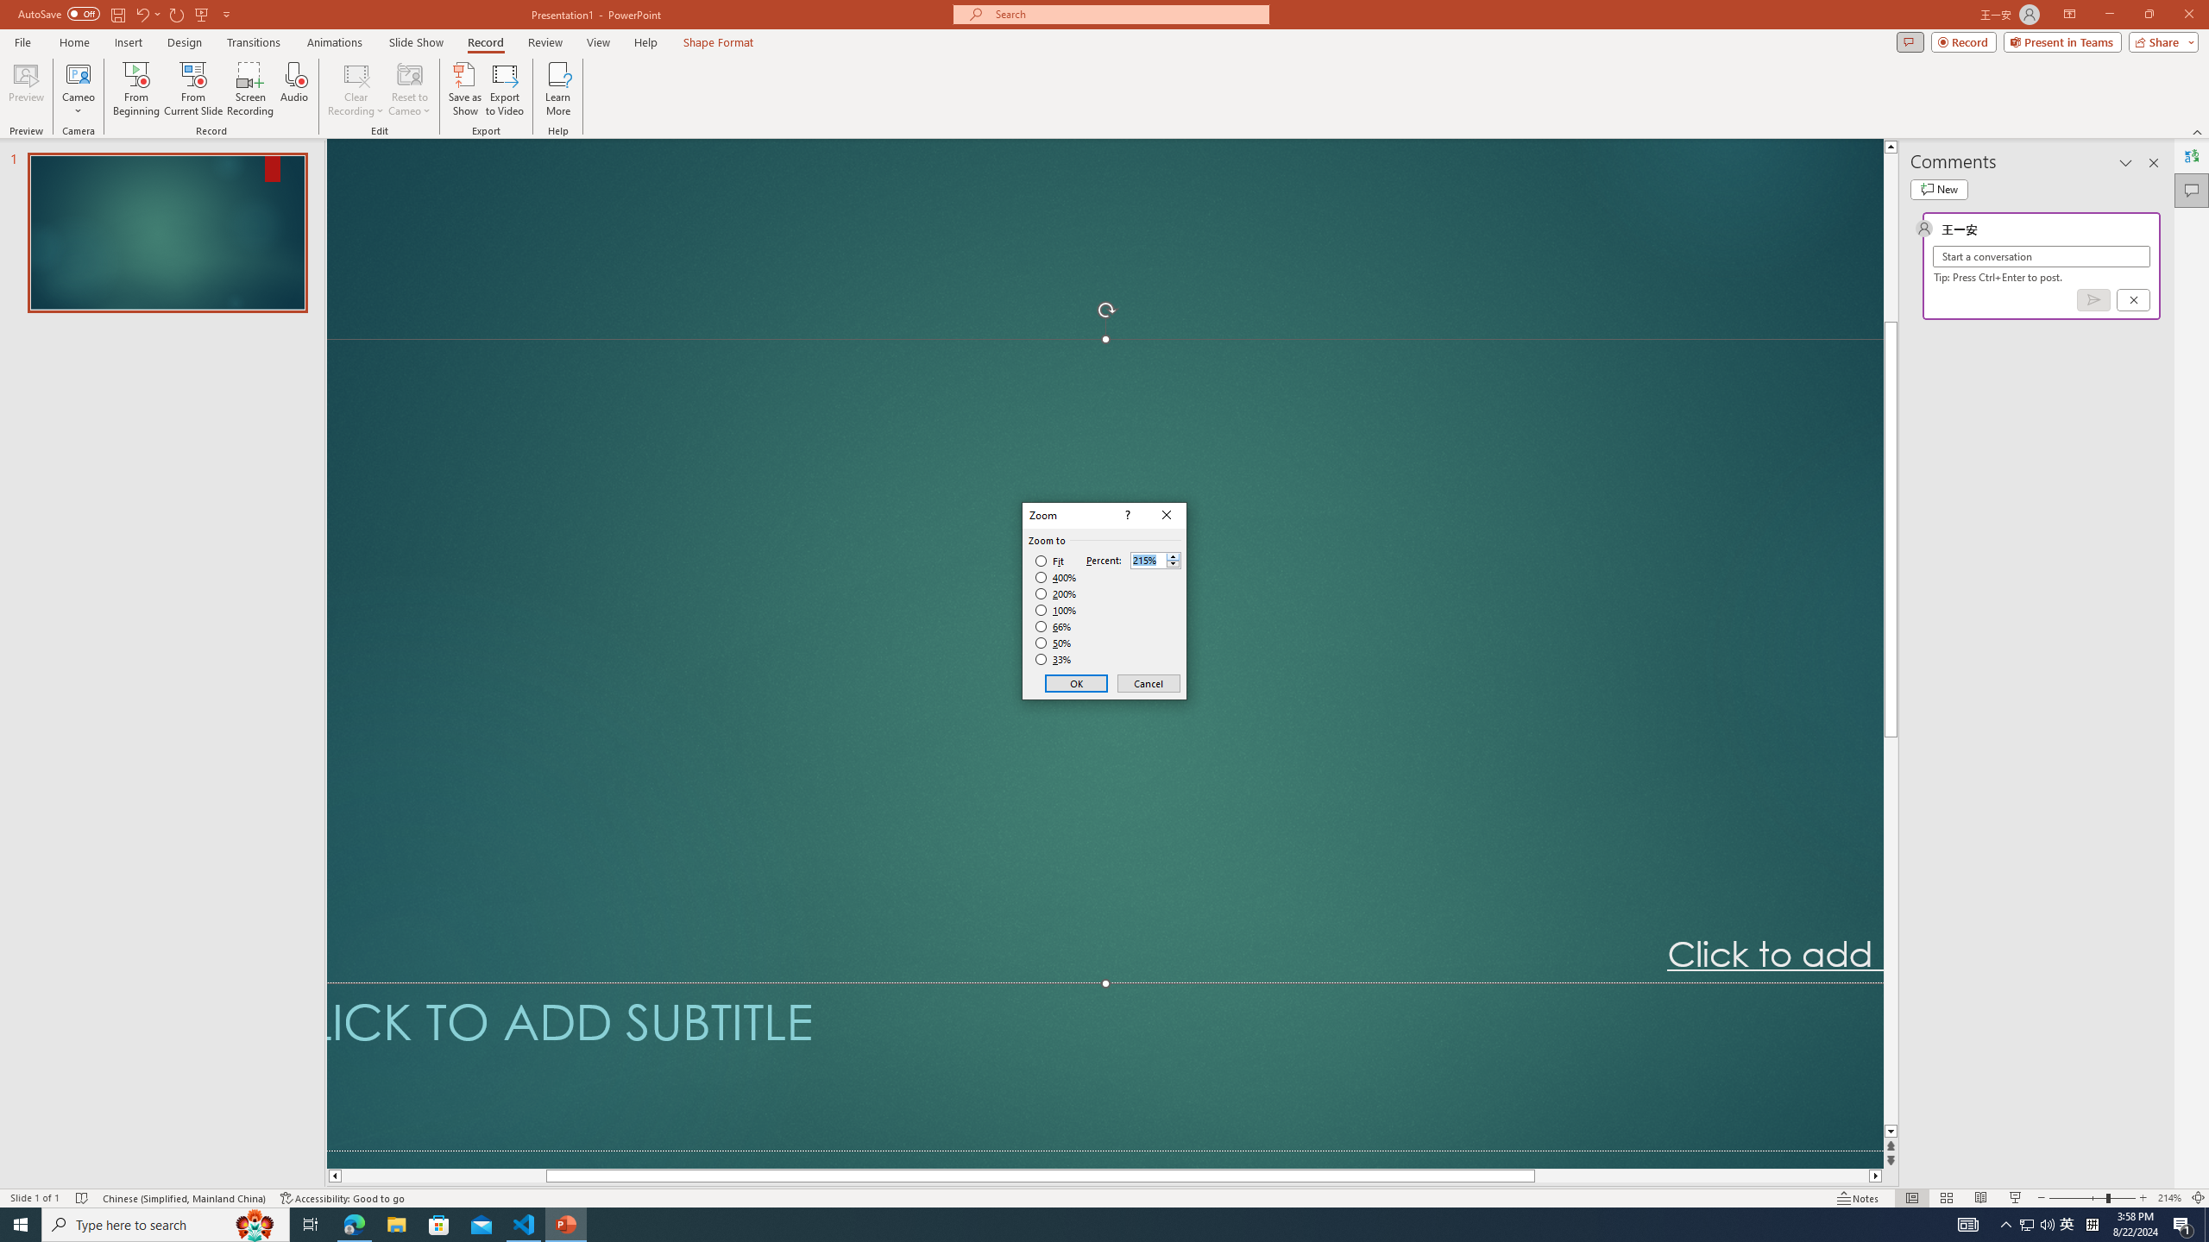  I want to click on 'Shape Format', so click(718, 42).